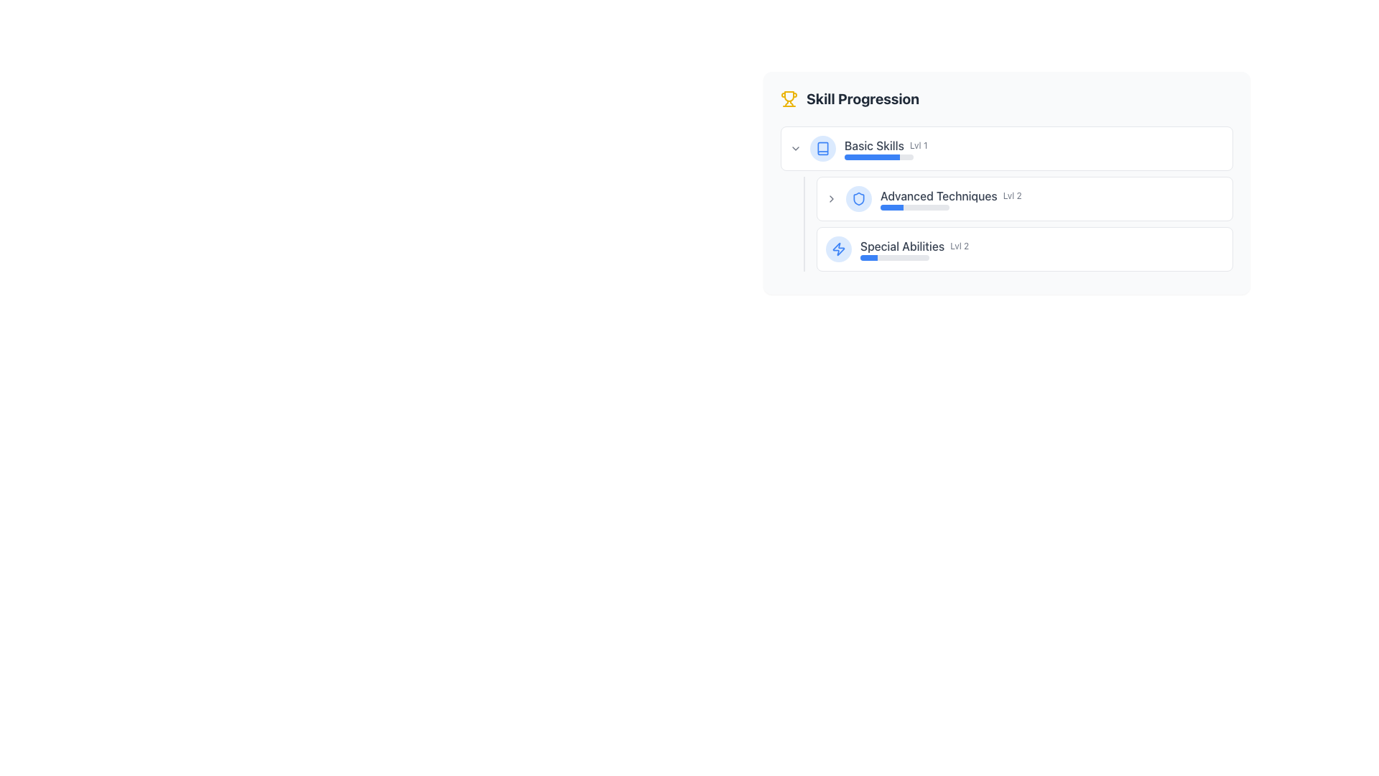 This screenshot has width=1379, height=776. I want to click on the List item element titled 'Special Abilities', so click(1023, 249).